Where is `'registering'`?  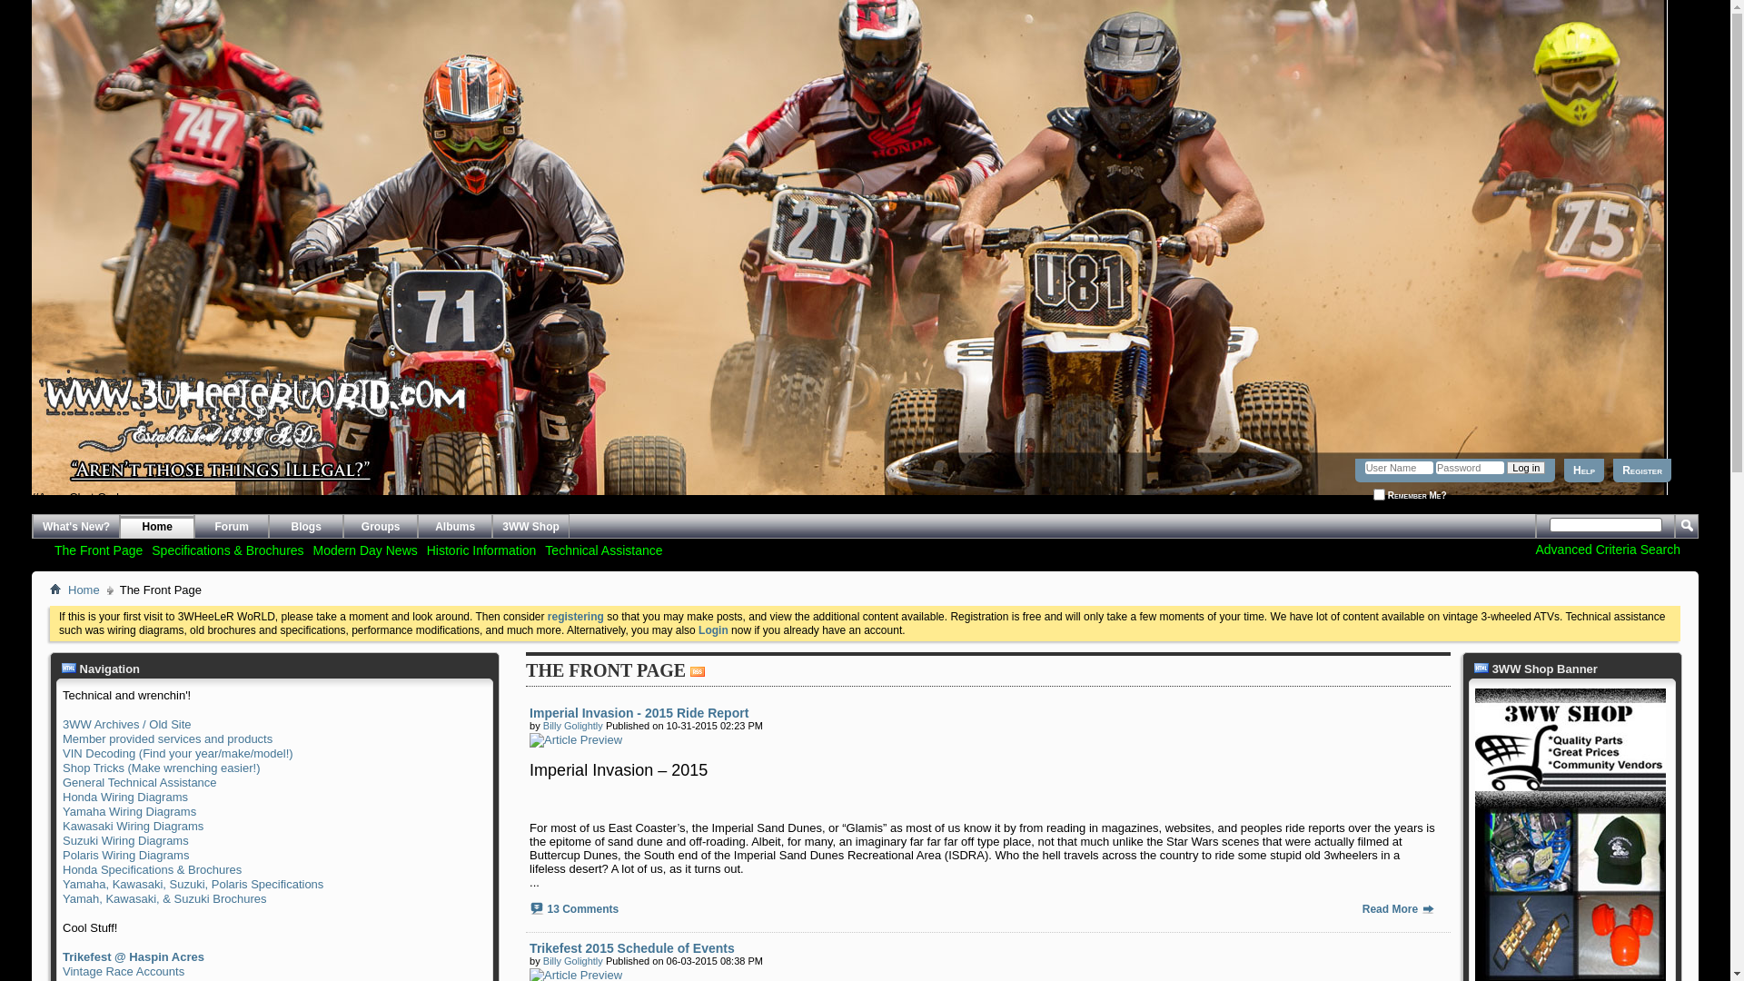
'registering' is located at coordinates (574, 615).